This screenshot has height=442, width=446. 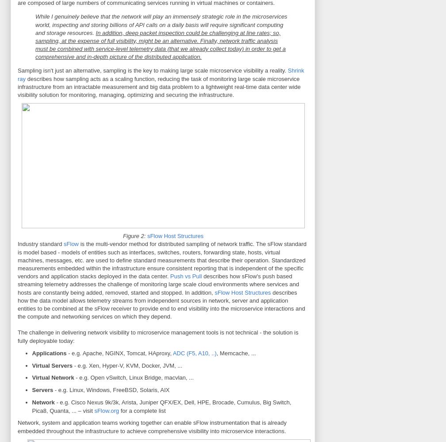 I want to click on ', Memcache, ...', so click(x=236, y=353).